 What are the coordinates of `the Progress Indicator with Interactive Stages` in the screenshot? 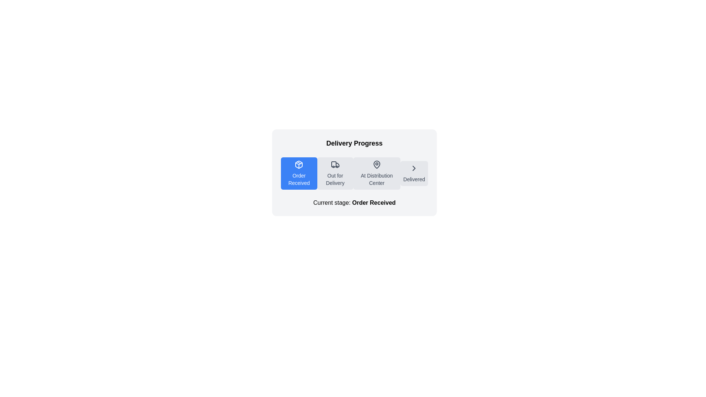 It's located at (354, 173).